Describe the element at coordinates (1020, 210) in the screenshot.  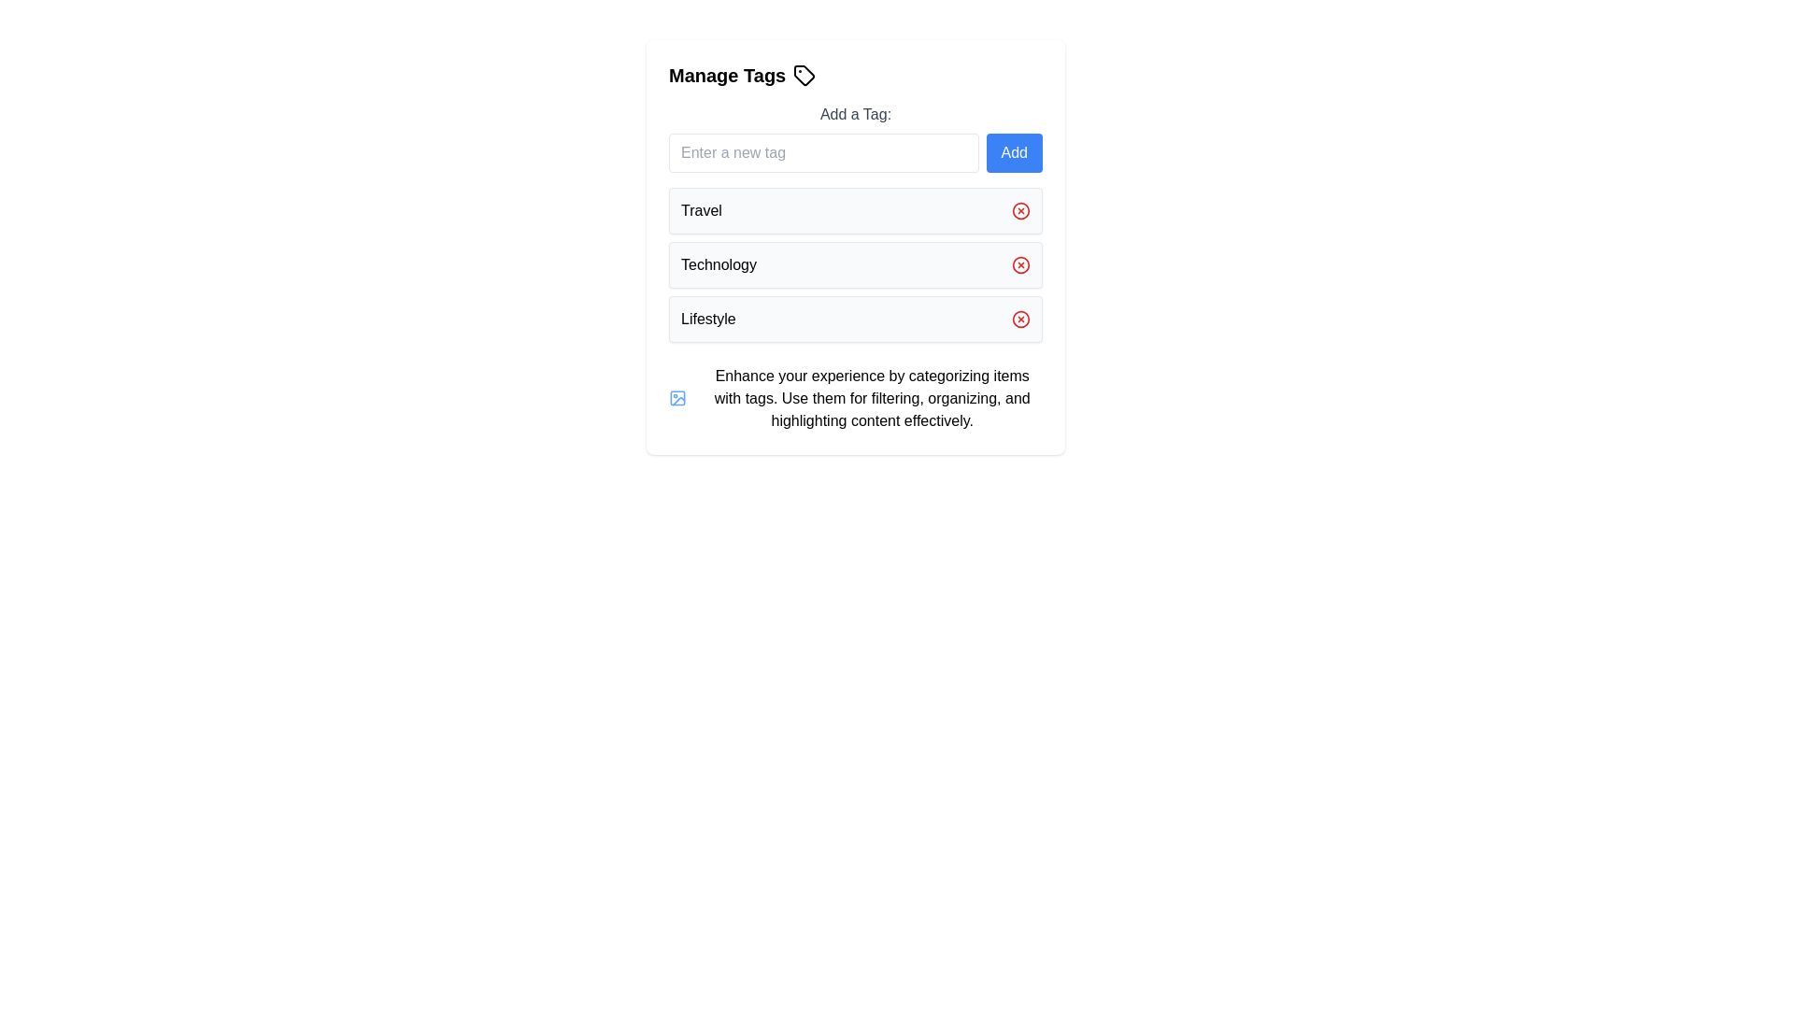
I see `the circular icon button located at the right end of the 'Travel' label in the user list item` at that location.